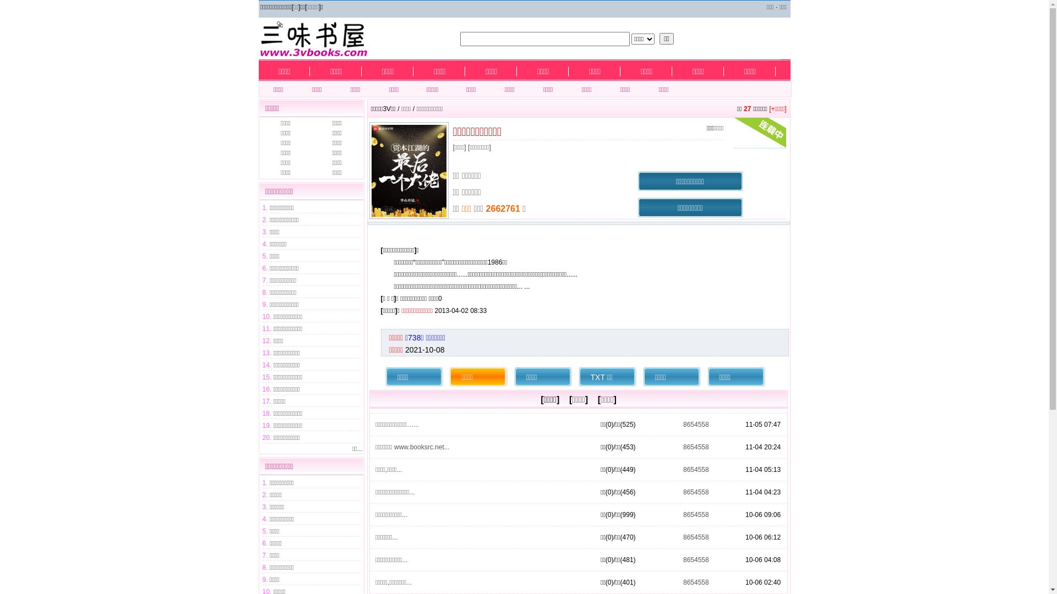 The height and width of the screenshot is (594, 1057). Describe the element at coordinates (683, 447) in the screenshot. I see `'8654558'` at that location.